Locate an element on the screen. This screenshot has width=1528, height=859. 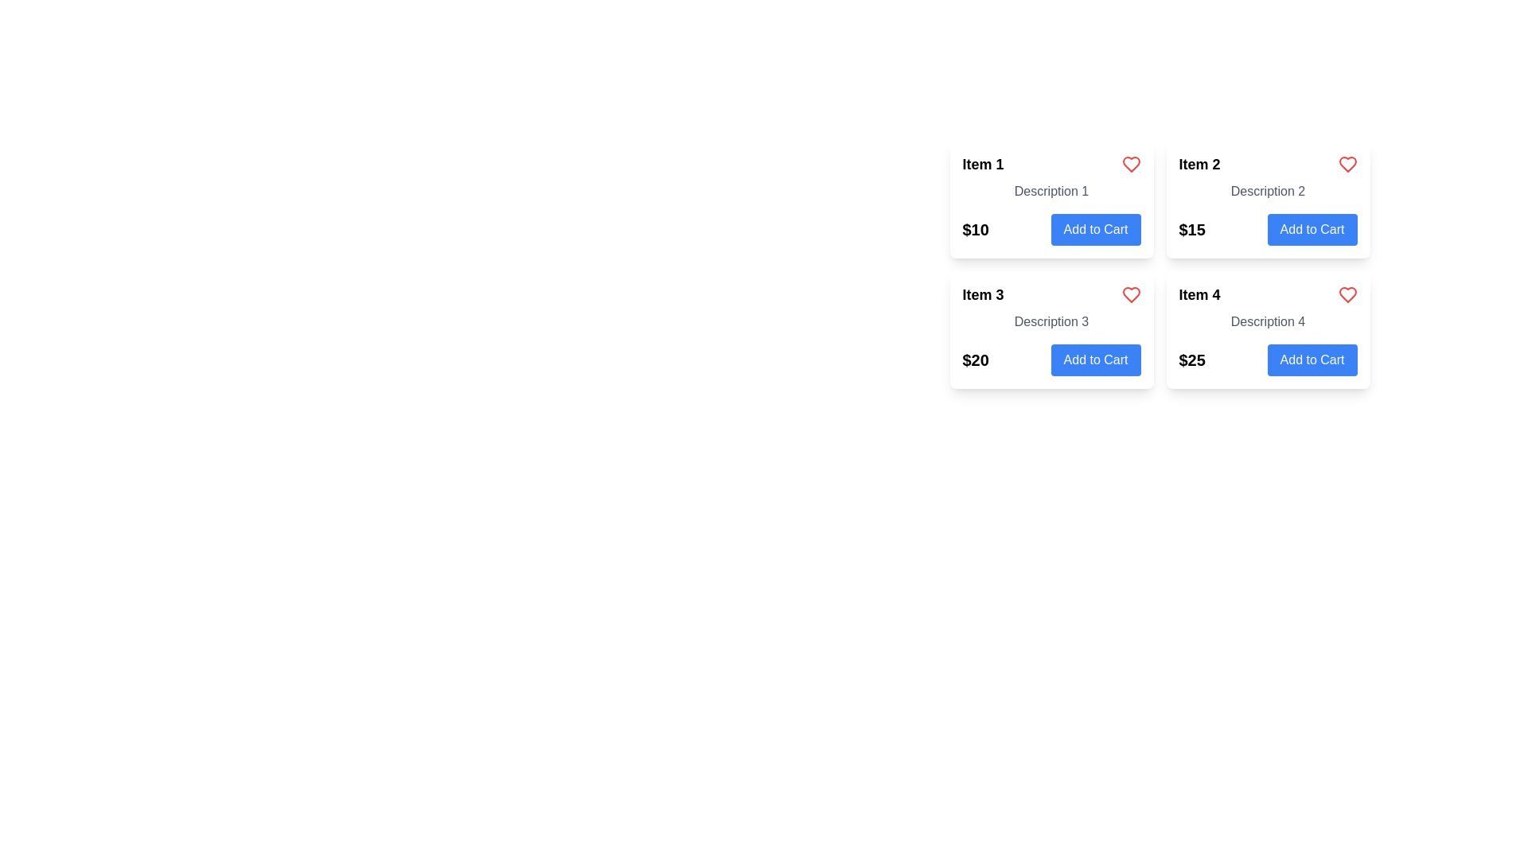
the add to cart button located at the bottom of the second item card, below the text 'Description 2' in the card titled 'Item 2' is located at coordinates (1267, 230).